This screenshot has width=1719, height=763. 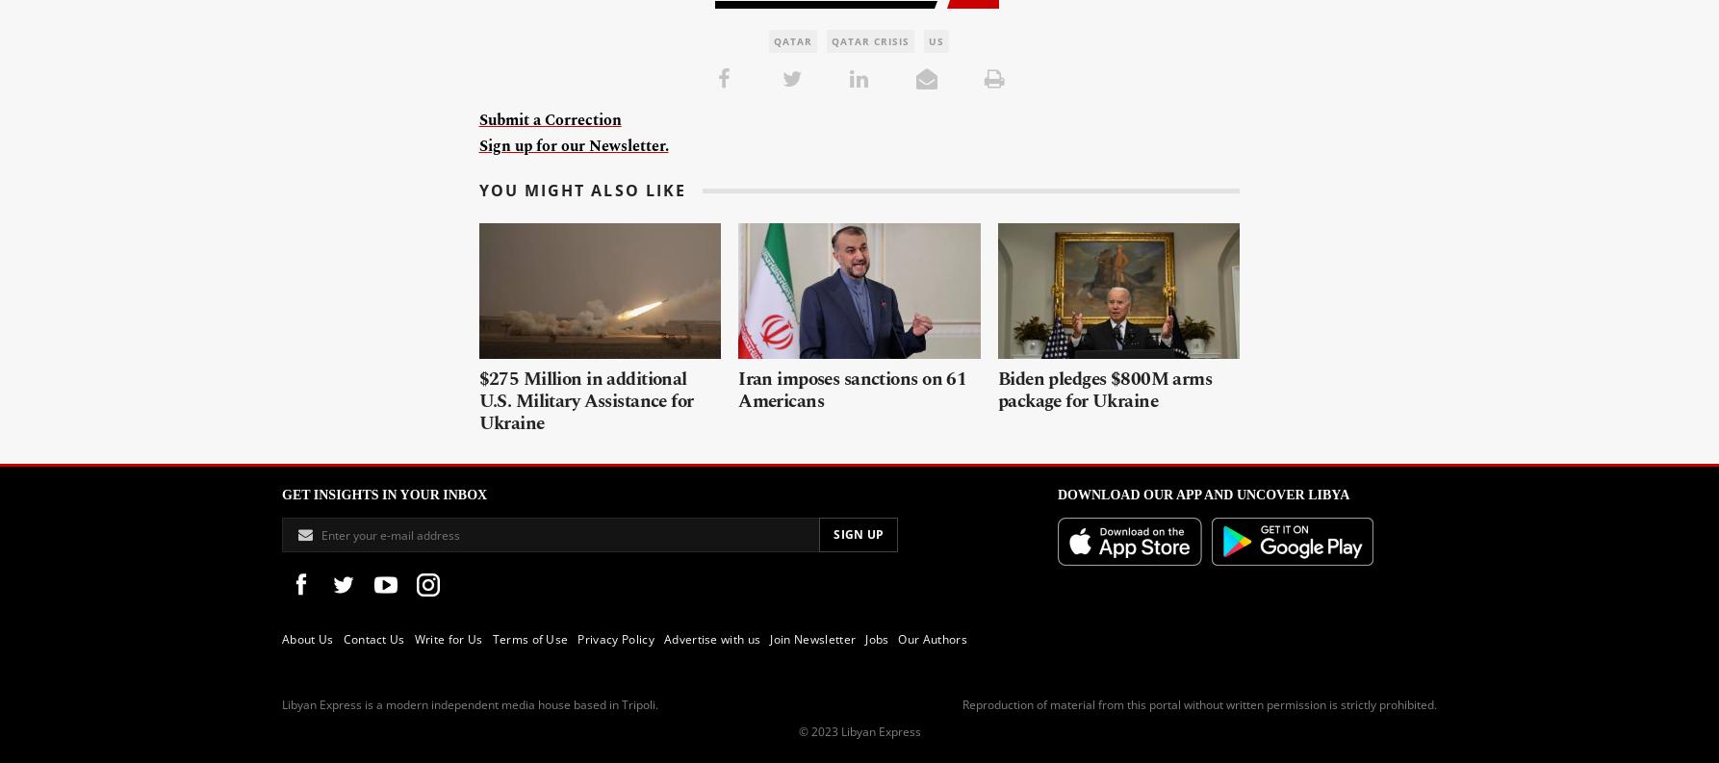 What do you see at coordinates (447, 639) in the screenshot?
I see `'Write for Us'` at bounding box center [447, 639].